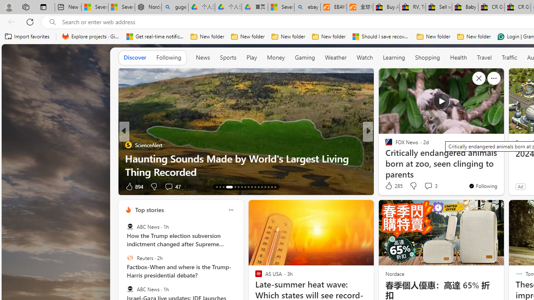 The width and height of the screenshot is (534, 300). What do you see at coordinates (258, 186) in the screenshot?
I see `'AutomationID: tab-24'` at bounding box center [258, 186].